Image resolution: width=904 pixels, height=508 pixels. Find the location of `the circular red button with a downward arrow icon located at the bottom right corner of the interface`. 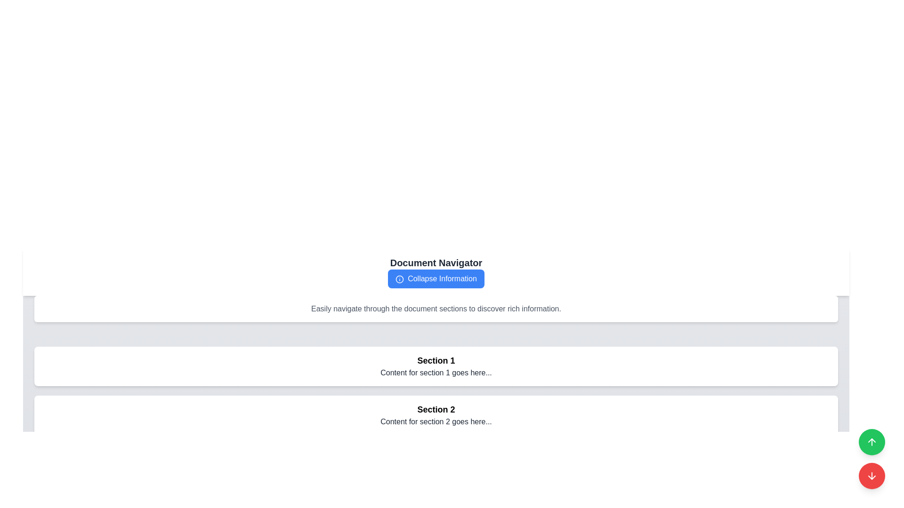

the circular red button with a downward arrow icon located at the bottom right corner of the interface is located at coordinates (872, 476).